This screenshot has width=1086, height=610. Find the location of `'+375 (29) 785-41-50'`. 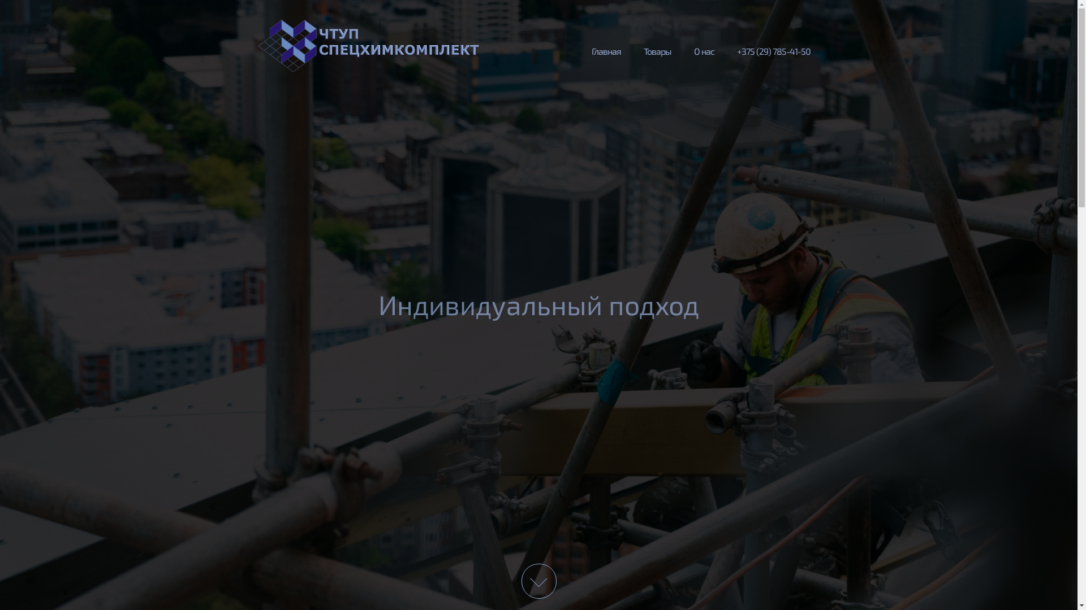

'+375 (29) 785-41-50' is located at coordinates (725, 49).